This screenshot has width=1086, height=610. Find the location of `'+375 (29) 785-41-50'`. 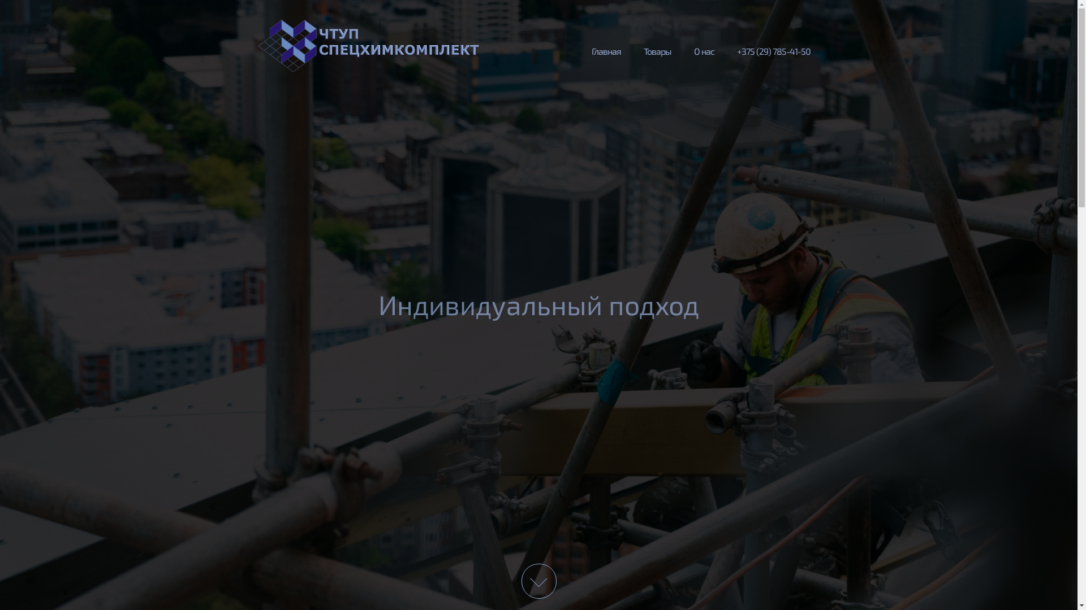

'+375 (29) 785-41-50' is located at coordinates (725, 49).